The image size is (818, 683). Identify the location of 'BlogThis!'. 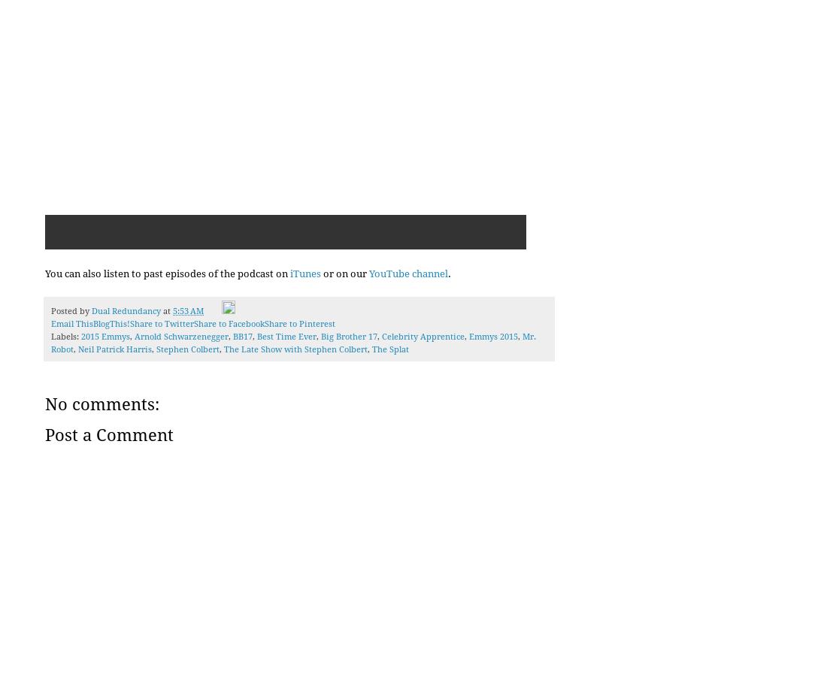
(93, 322).